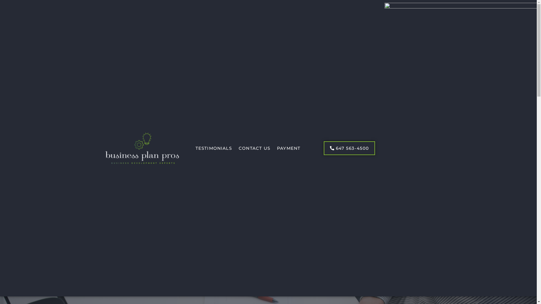 The image size is (541, 304). Describe the element at coordinates (213, 148) in the screenshot. I see `'TESTIMONIALS'` at that location.